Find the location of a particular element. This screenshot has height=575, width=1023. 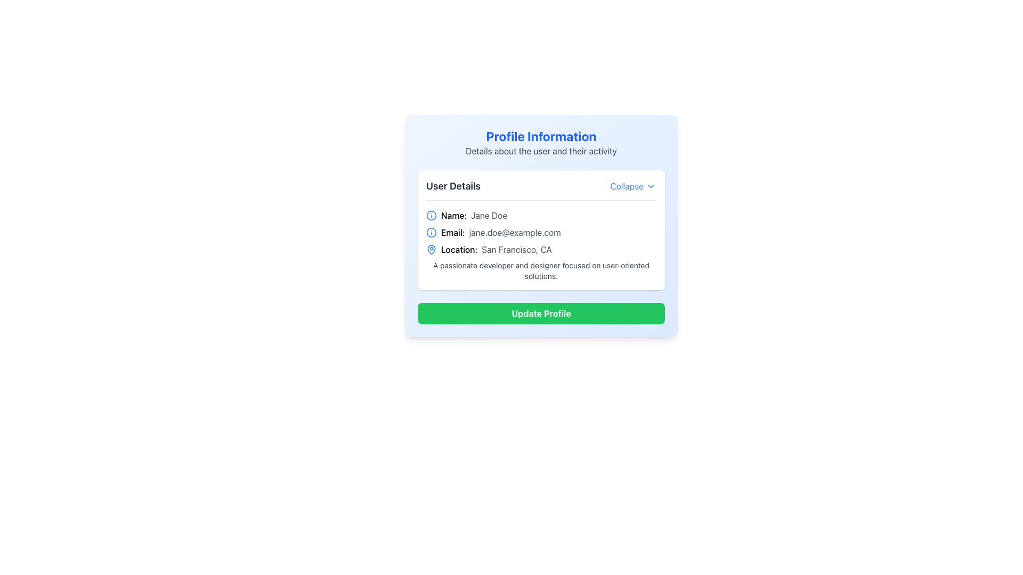

the text label 'Name:' which is positioned immediately before the text 'Jane Doe' in the user details section of the card-style interface is located at coordinates (454, 216).